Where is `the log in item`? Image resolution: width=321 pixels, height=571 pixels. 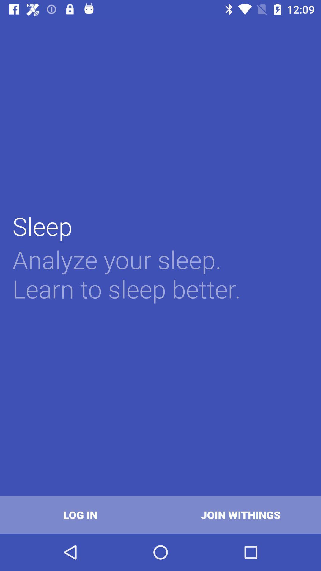 the log in item is located at coordinates (80, 514).